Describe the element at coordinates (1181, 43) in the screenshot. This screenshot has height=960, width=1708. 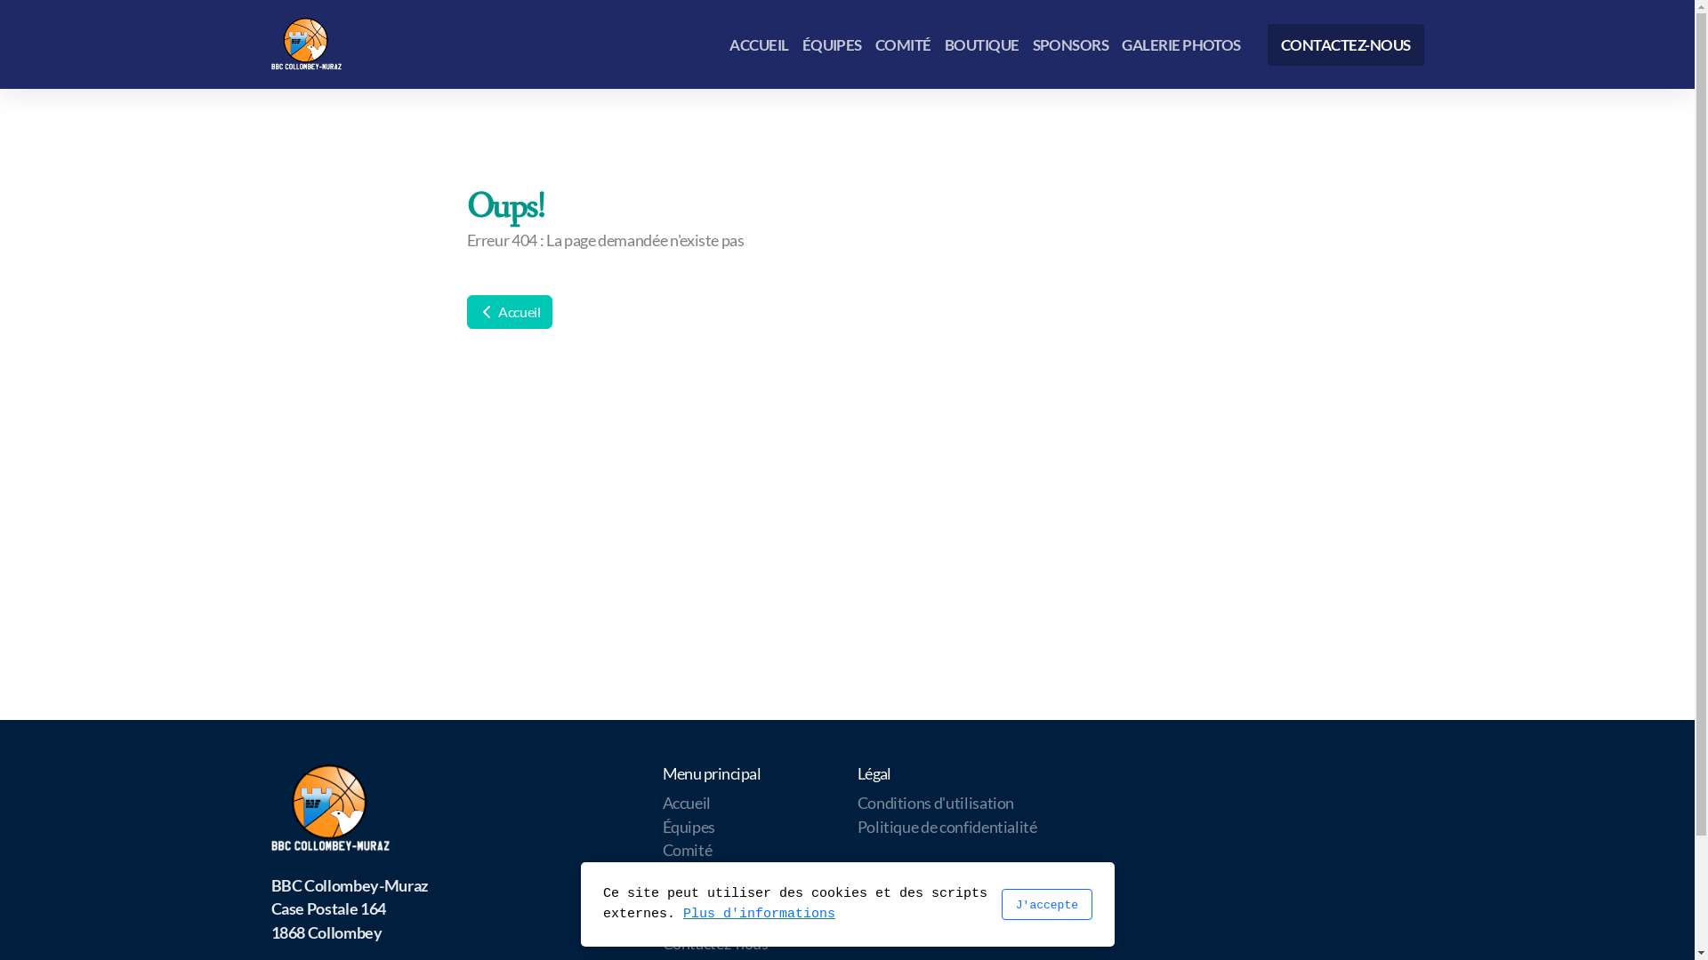
I see `'GALERIE PHOTOS'` at that location.